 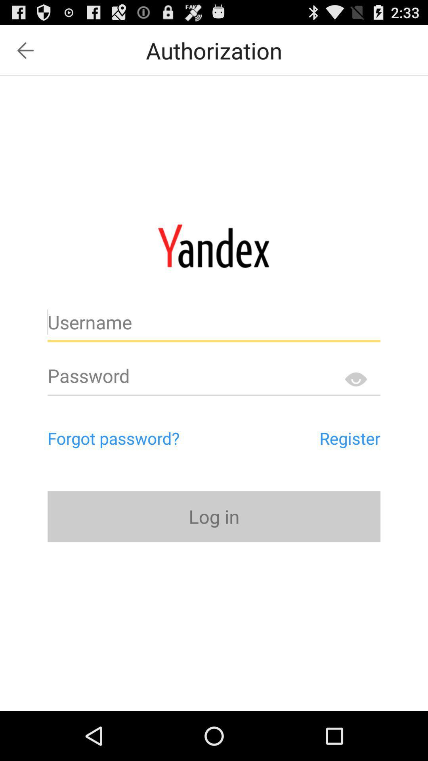 What do you see at coordinates (147, 438) in the screenshot?
I see `forgot password? app` at bounding box center [147, 438].